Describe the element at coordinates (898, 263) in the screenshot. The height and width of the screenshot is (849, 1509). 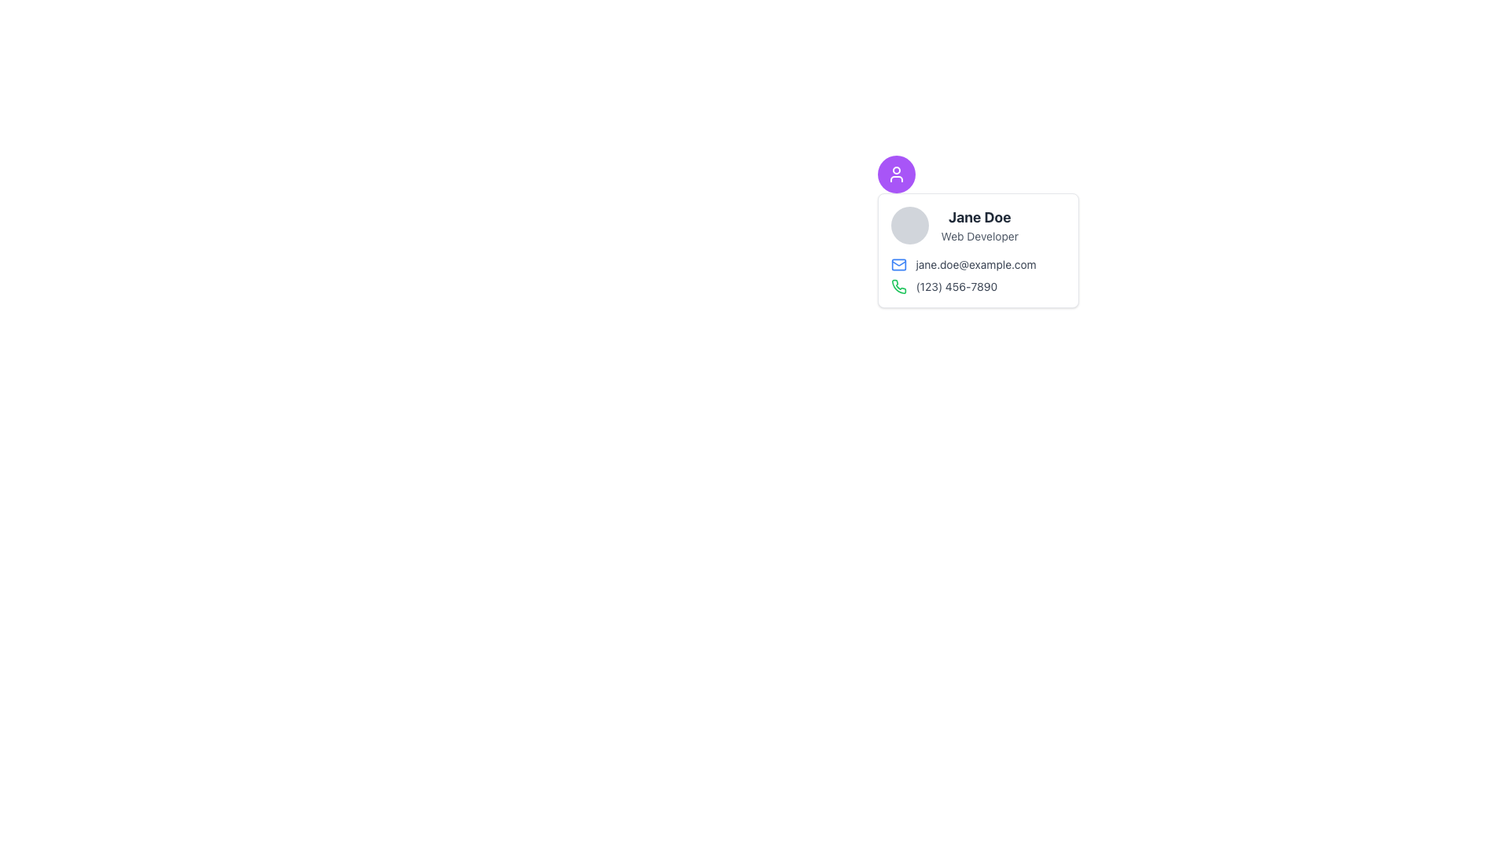
I see `the inner rectangle of the mail envelope icon located to the left of the email text 'jane.doe@example.com' in the contact card` at that location.